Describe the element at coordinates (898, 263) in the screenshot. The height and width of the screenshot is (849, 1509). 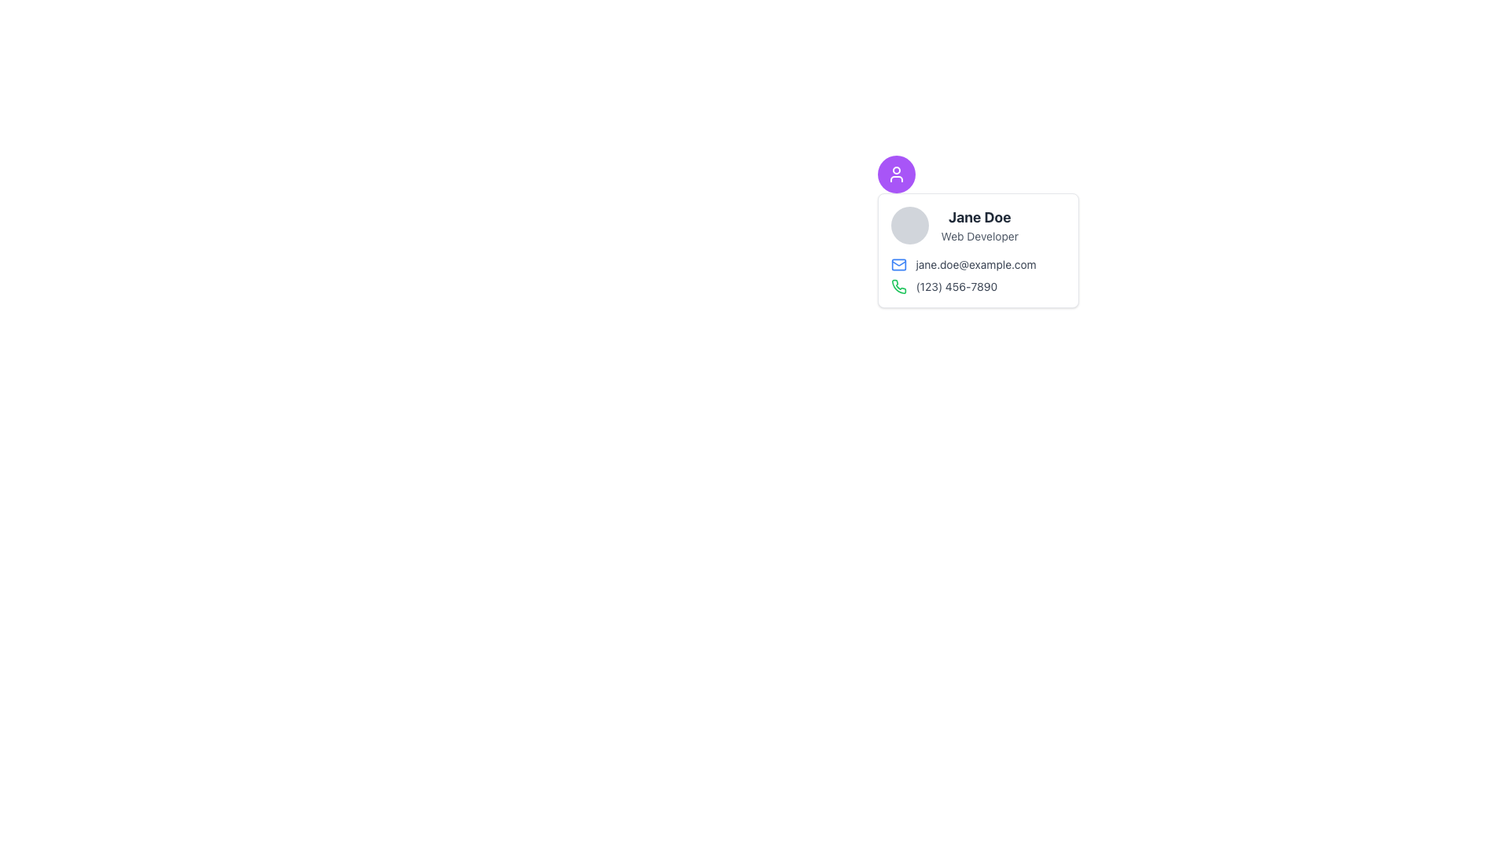
I see `the inner rectangle of the mail envelope icon located to the left of the email text 'jane.doe@example.com' in the contact card` at that location.